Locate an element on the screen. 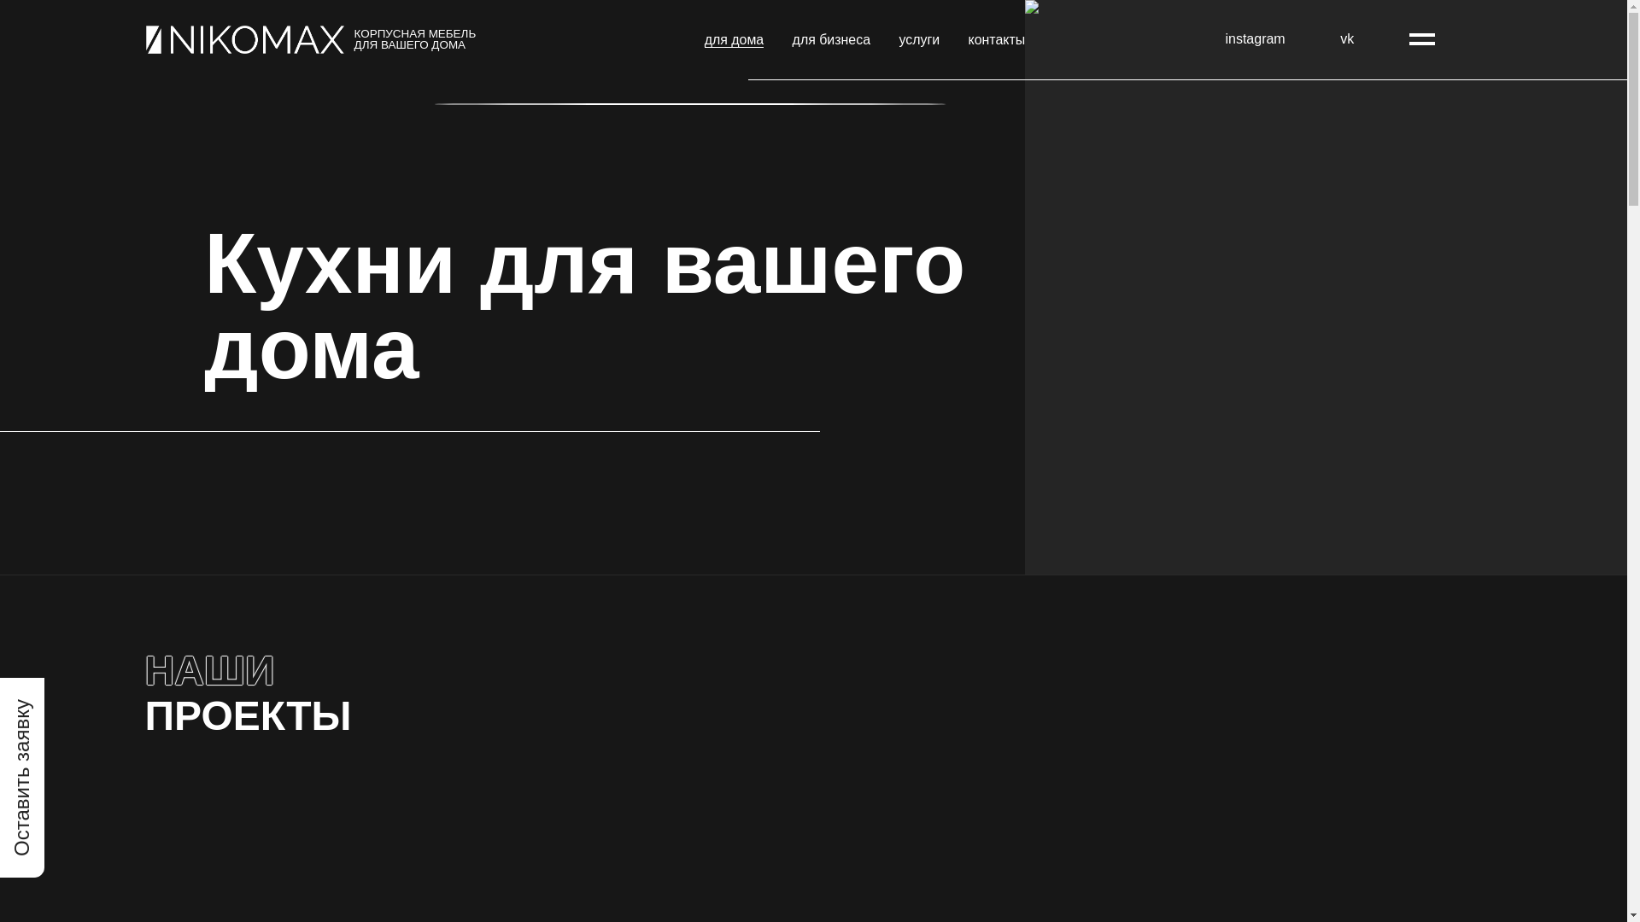  'vk' is located at coordinates (1346, 38).